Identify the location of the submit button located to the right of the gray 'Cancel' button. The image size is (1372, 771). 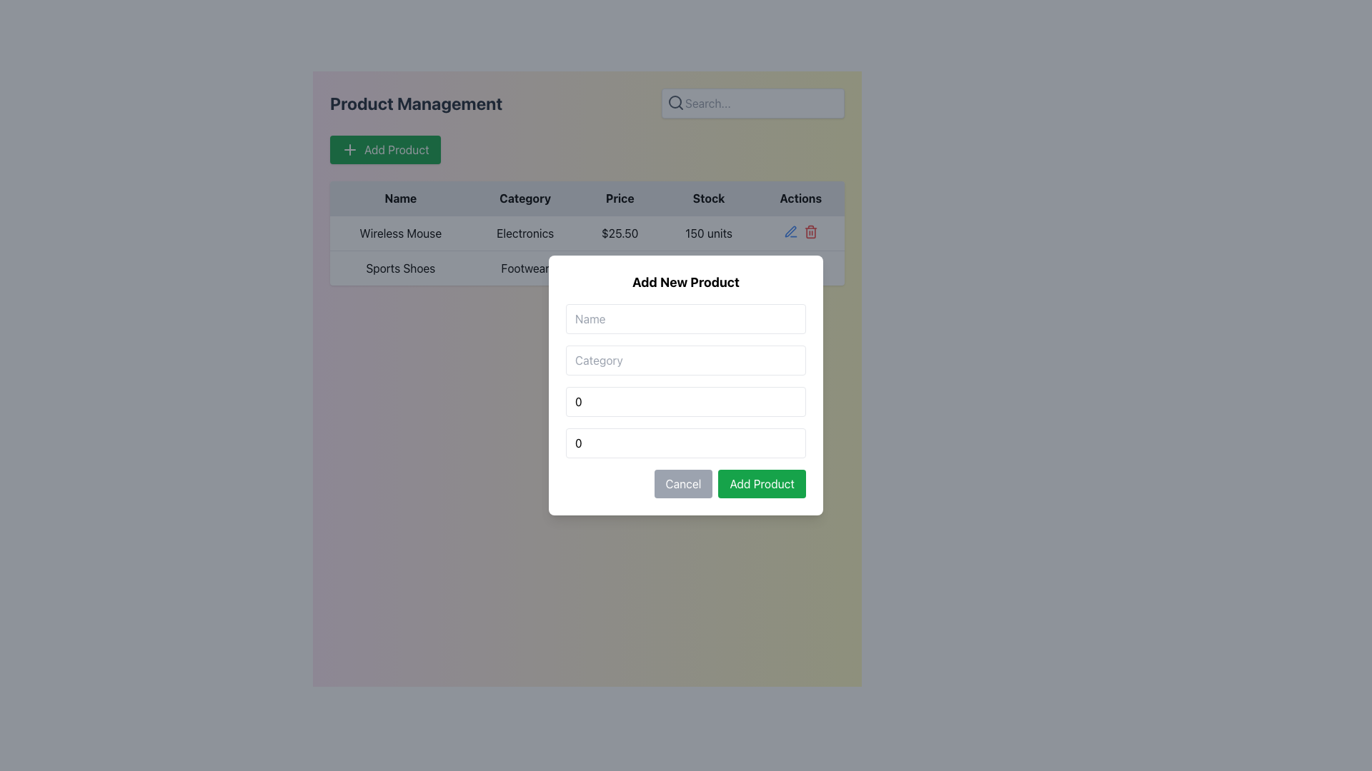
(761, 483).